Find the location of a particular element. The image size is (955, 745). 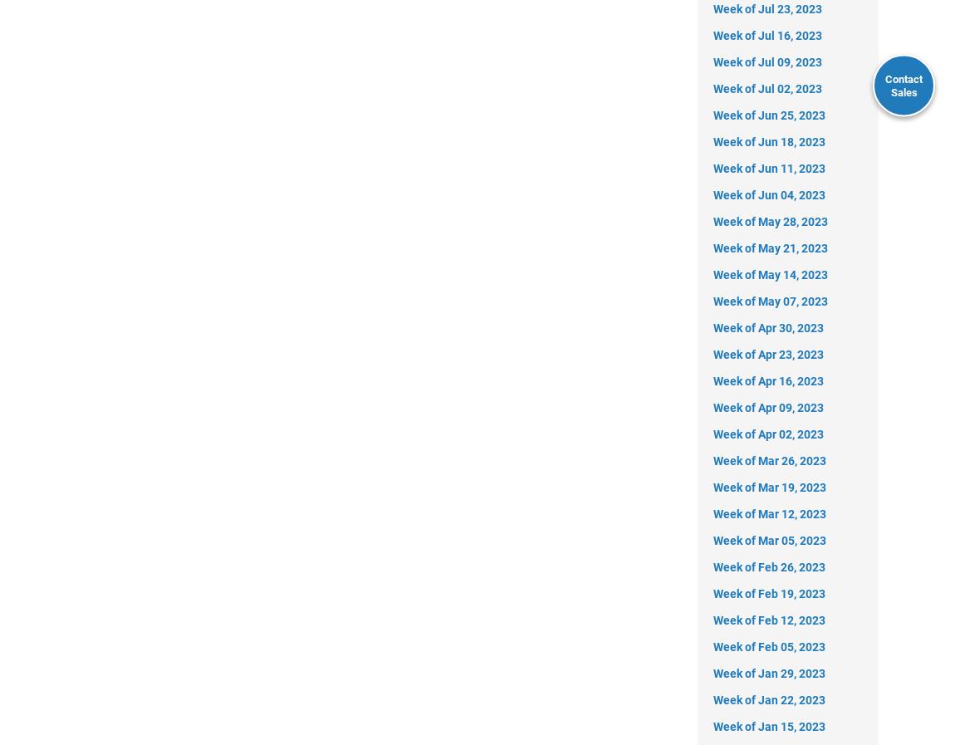

'Week of Jul 23, 2023' is located at coordinates (767, 7).